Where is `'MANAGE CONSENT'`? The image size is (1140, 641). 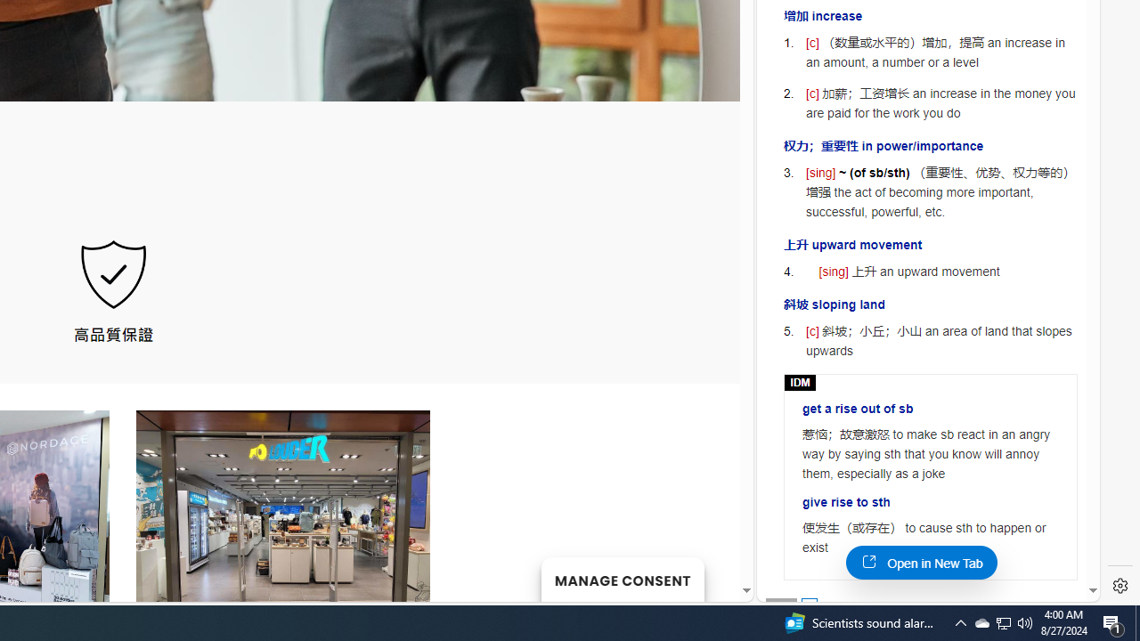 'MANAGE CONSENT' is located at coordinates (622, 579).